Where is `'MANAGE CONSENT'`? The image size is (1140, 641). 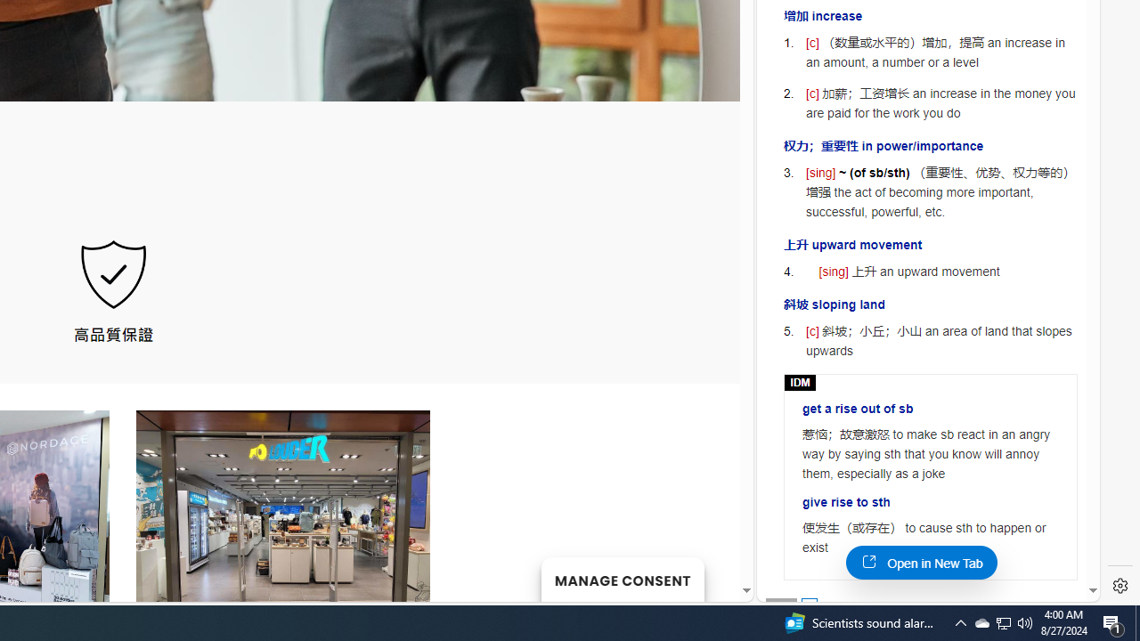 'MANAGE CONSENT' is located at coordinates (622, 579).